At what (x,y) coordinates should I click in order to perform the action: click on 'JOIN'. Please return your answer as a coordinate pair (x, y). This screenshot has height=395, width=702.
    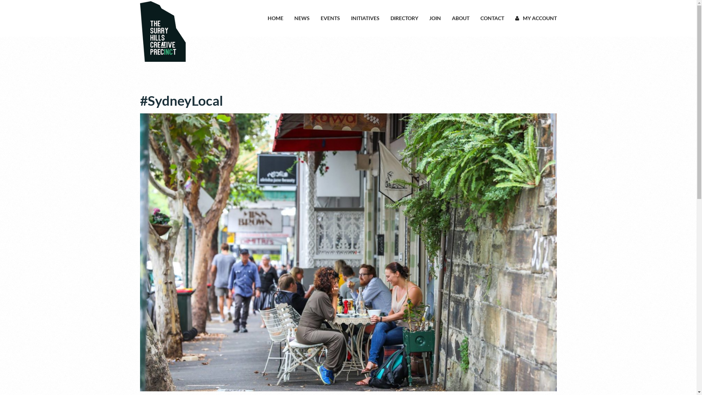
    Looking at the image, I should click on (435, 18).